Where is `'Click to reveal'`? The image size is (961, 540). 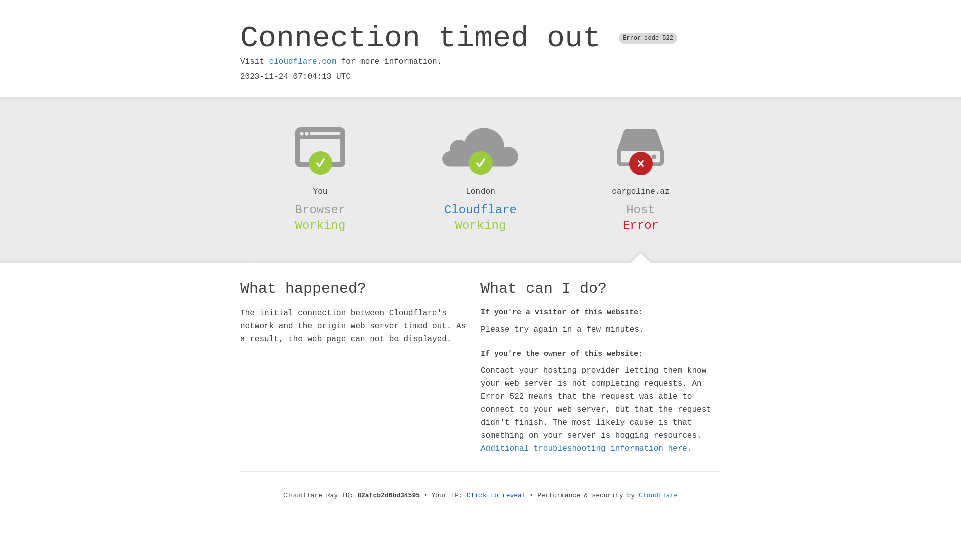 'Click to reveal' is located at coordinates (466, 495).